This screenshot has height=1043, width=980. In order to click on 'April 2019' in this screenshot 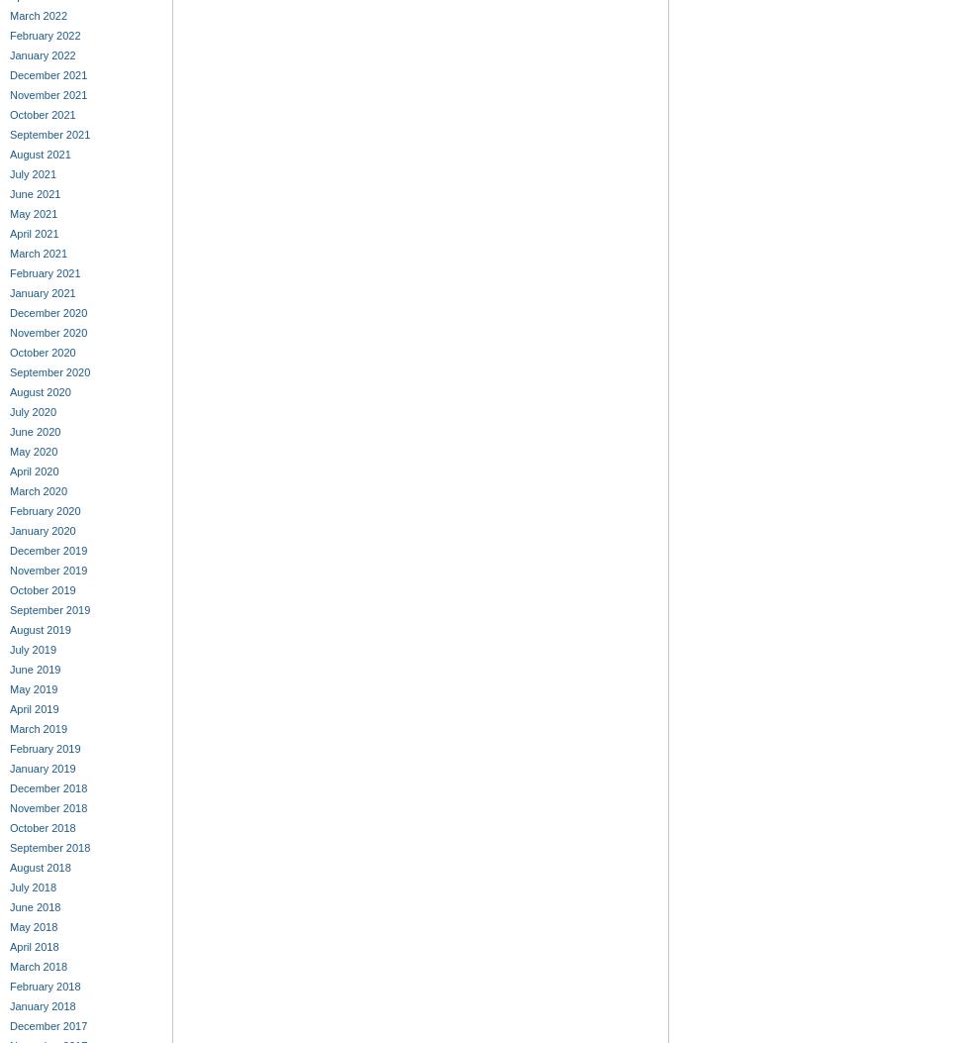, I will do `click(33, 709)`.